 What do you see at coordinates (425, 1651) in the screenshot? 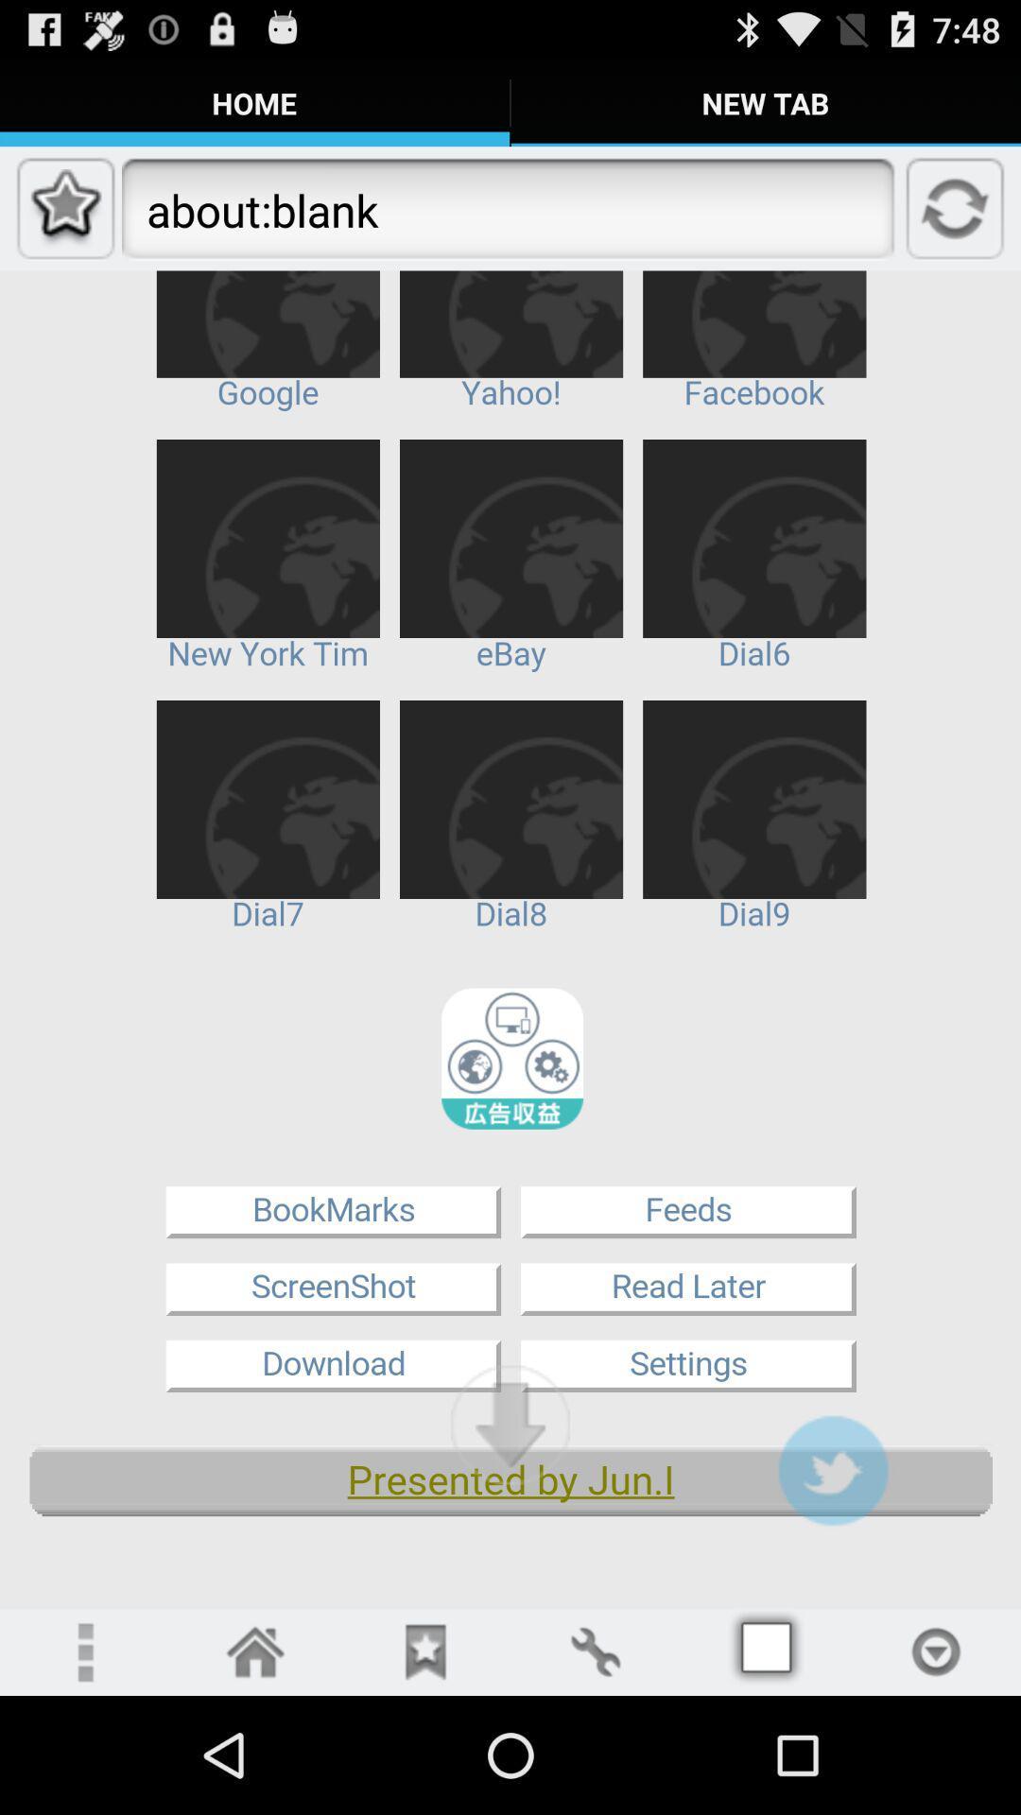
I see `review button` at bounding box center [425, 1651].